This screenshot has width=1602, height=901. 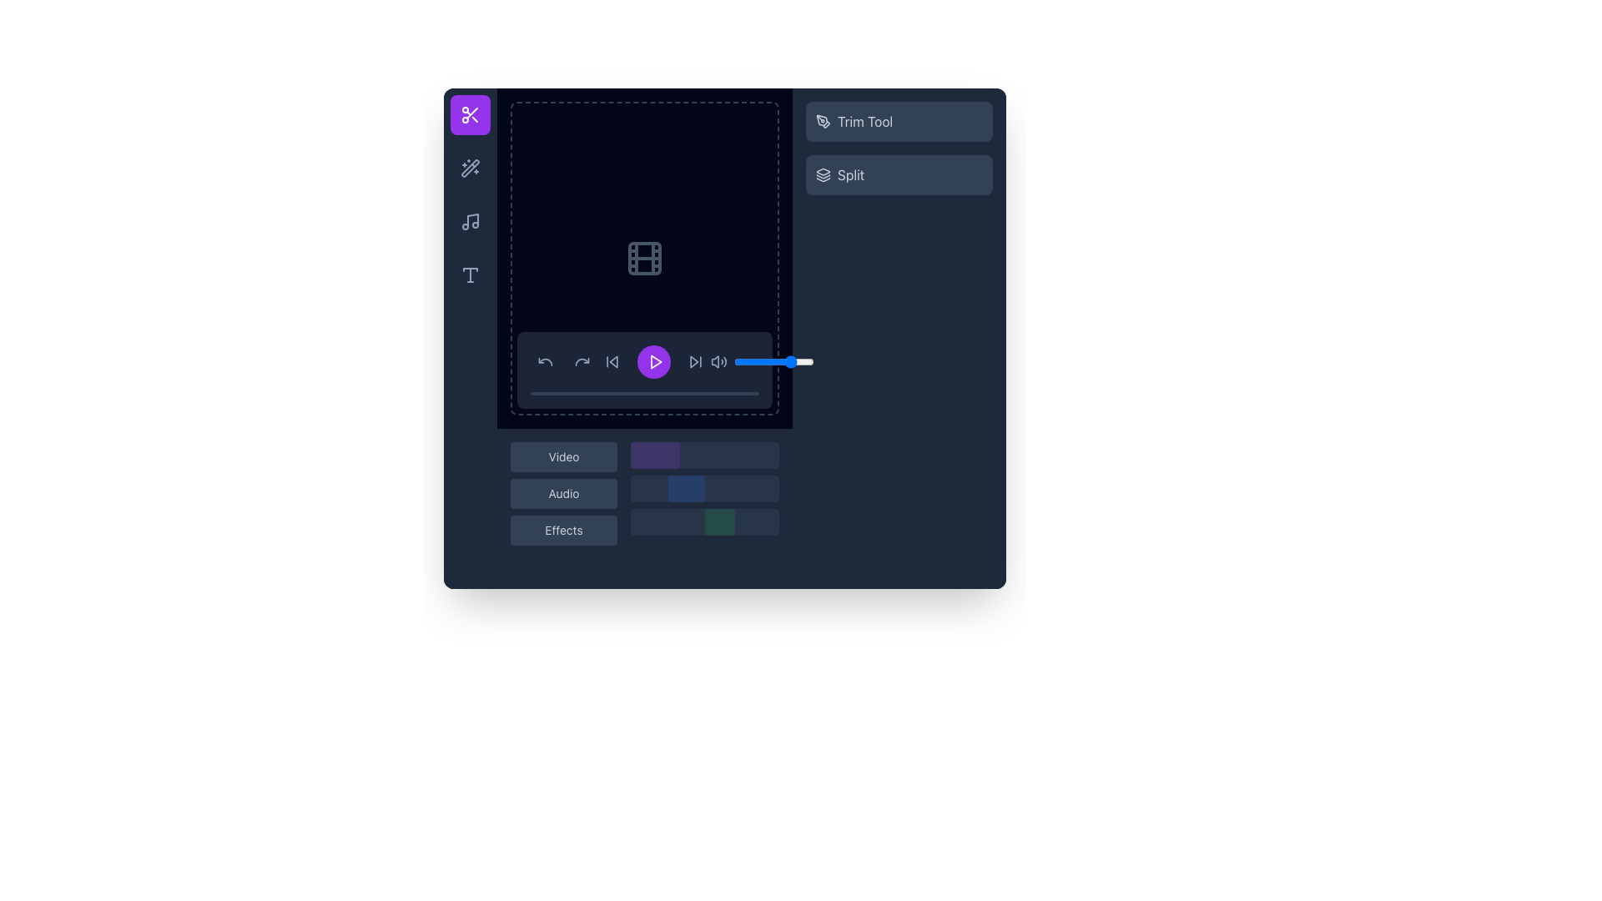 What do you see at coordinates (704, 488) in the screenshot?
I see `the second rectangular component in a vertical sequence of three, which serves as a decorative or informative indicator within a card-like section` at bounding box center [704, 488].